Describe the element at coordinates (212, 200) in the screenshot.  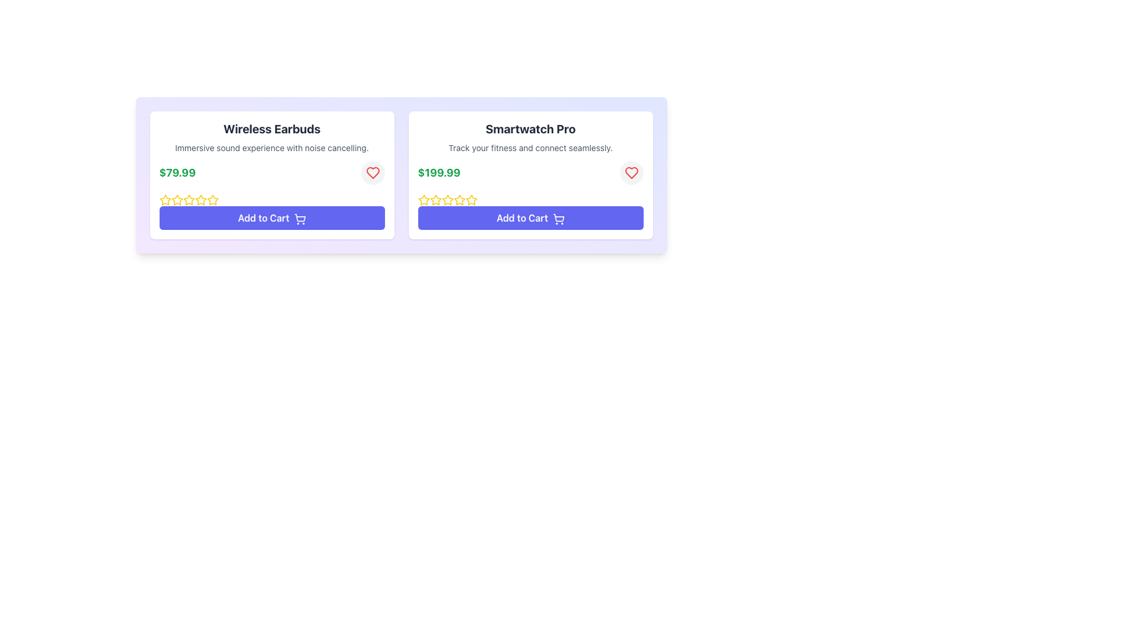
I see `the fifth star in the star rating bar of the product card labeled 'Wireless Earbuds' to rate the product` at that location.